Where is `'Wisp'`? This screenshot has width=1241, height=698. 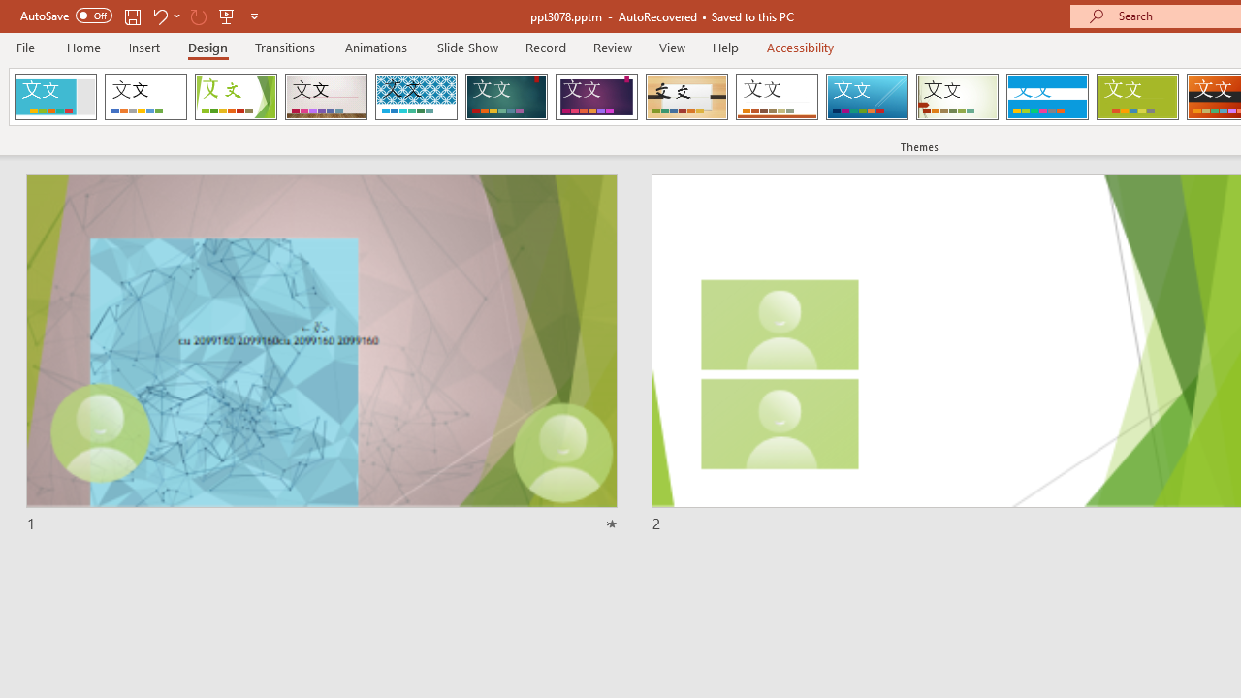 'Wisp' is located at coordinates (957, 97).